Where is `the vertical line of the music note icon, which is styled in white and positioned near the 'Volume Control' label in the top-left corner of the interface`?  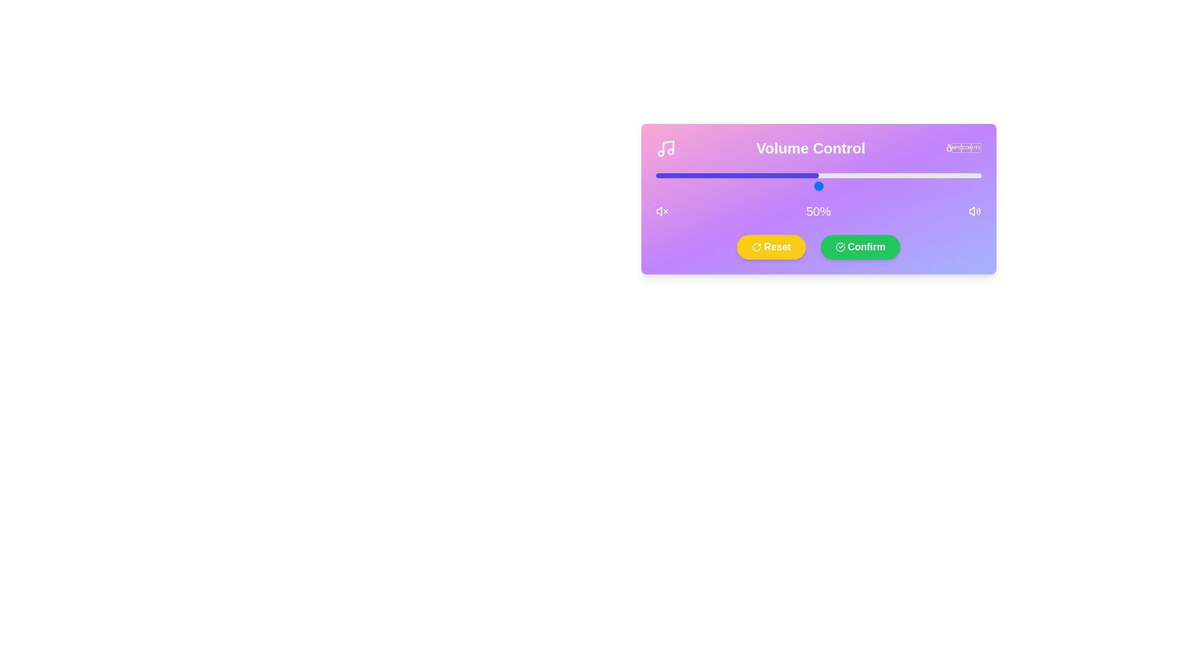
the vertical line of the music note icon, which is styled in white and positioned near the 'Volume Control' label in the top-left corner of the interface is located at coordinates (667, 147).